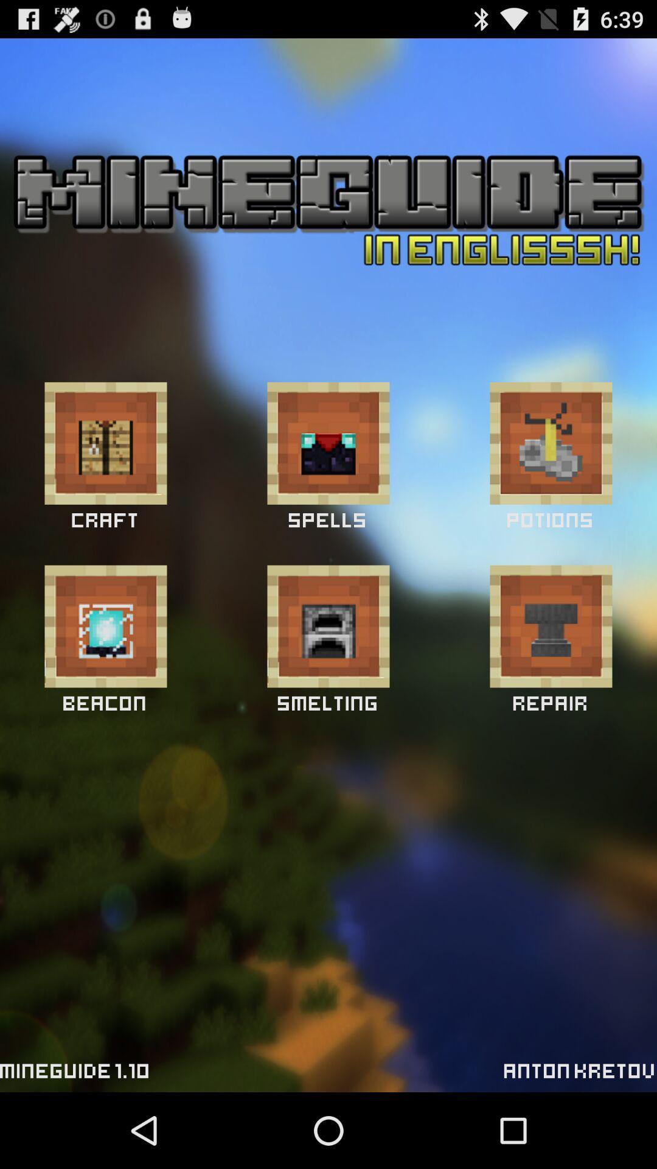 The width and height of the screenshot is (657, 1169). What do you see at coordinates (105, 626) in the screenshot?
I see `app above the beacon item` at bounding box center [105, 626].